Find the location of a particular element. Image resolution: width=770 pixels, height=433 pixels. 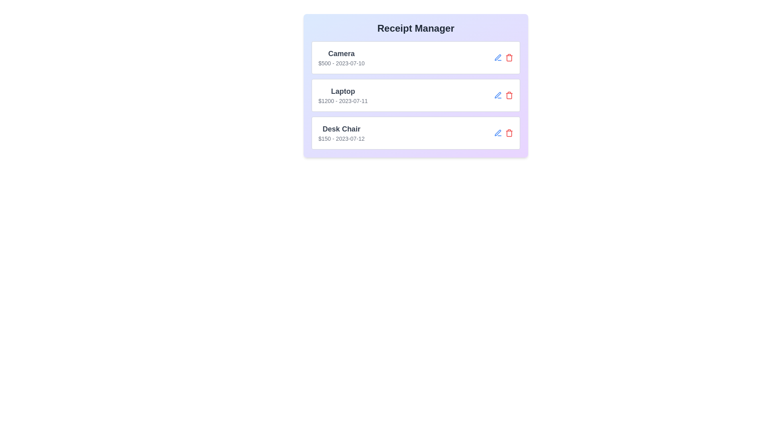

the delete button for the receipt entry with item Laptop is located at coordinates (509, 95).